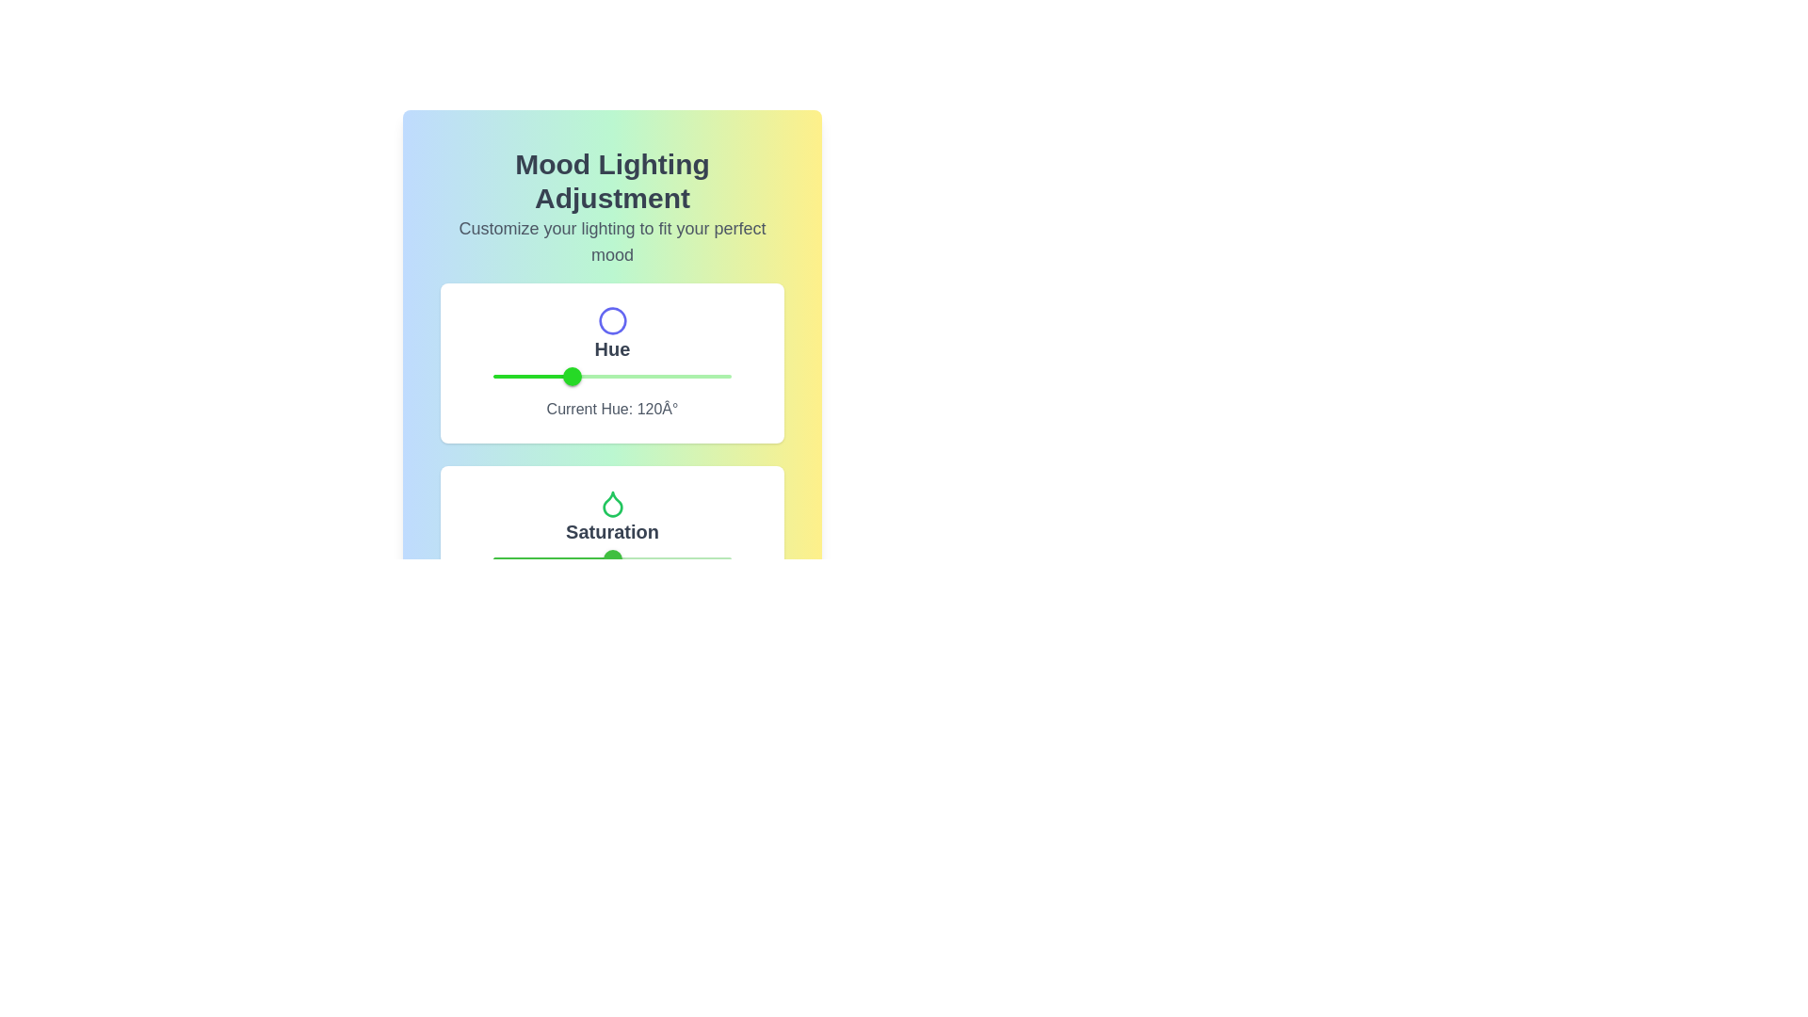 This screenshot has width=1808, height=1017. I want to click on the slider, so click(646, 558).